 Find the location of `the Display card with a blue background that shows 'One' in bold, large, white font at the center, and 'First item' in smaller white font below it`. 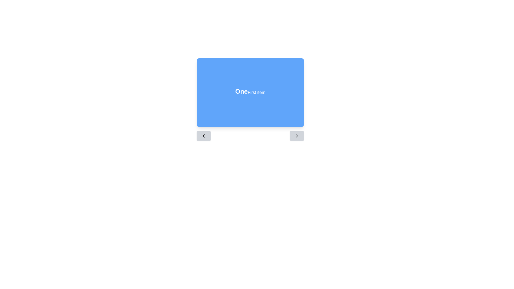

the Display card with a blue background that shows 'One' in bold, large, white font at the center, and 'First item' in smaller white font below it is located at coordinates (250, 92).